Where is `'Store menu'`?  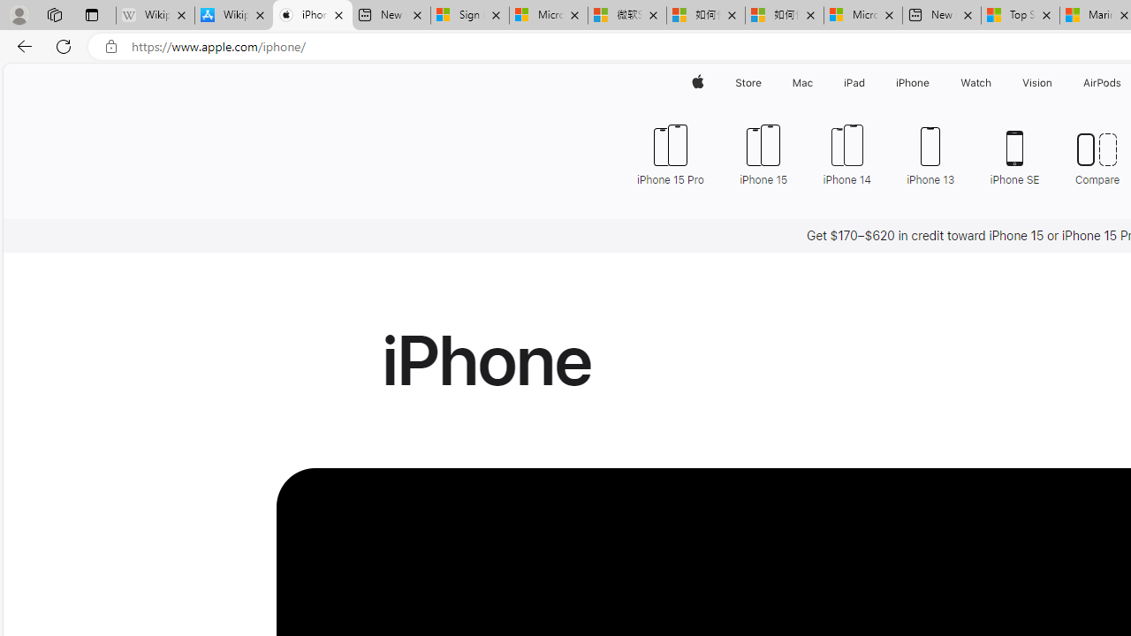 'Store menu' is located at coordinates (764, 82).